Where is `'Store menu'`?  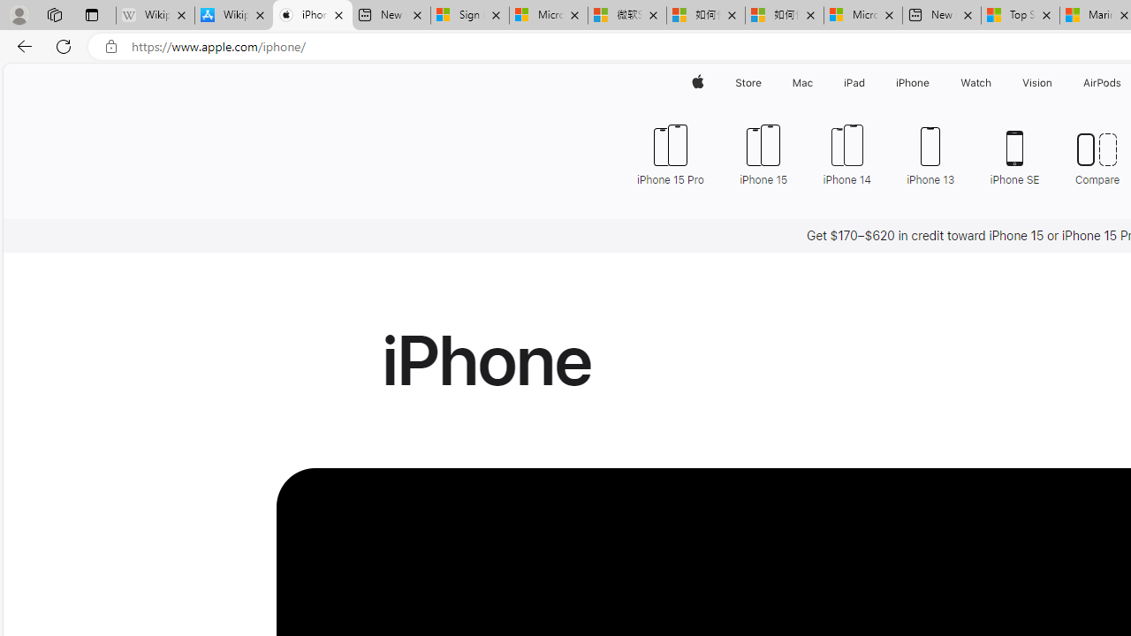 'Store menu' is located at coordinates (764, 82).